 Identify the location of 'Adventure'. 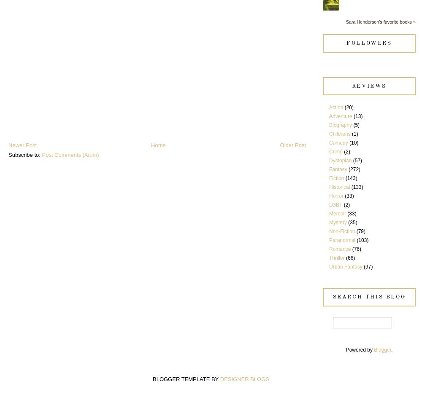
(341, 116).